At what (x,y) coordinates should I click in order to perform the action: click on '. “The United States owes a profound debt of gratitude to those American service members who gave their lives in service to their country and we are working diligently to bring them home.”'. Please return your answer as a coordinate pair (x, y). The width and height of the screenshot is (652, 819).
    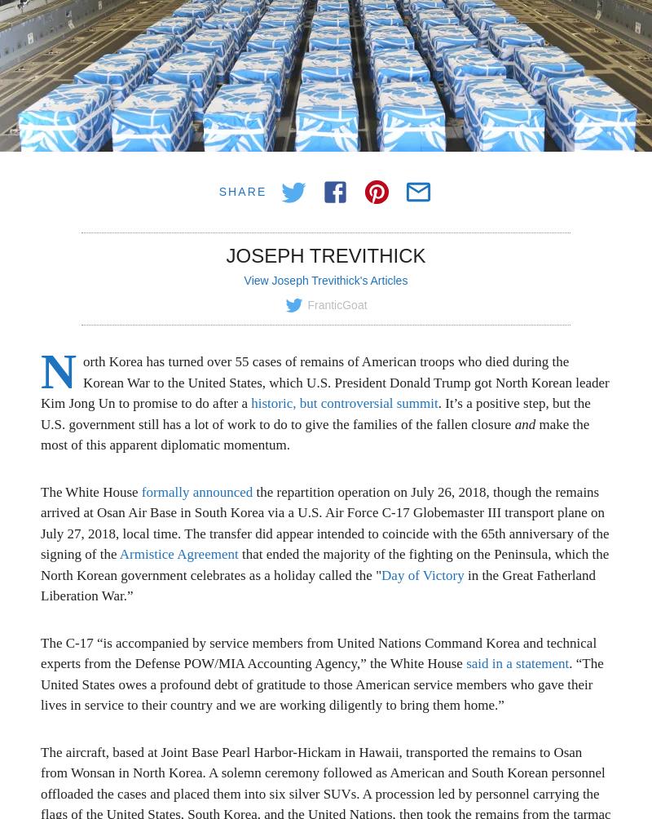
    Looking at the image, I should click on (321, 684).